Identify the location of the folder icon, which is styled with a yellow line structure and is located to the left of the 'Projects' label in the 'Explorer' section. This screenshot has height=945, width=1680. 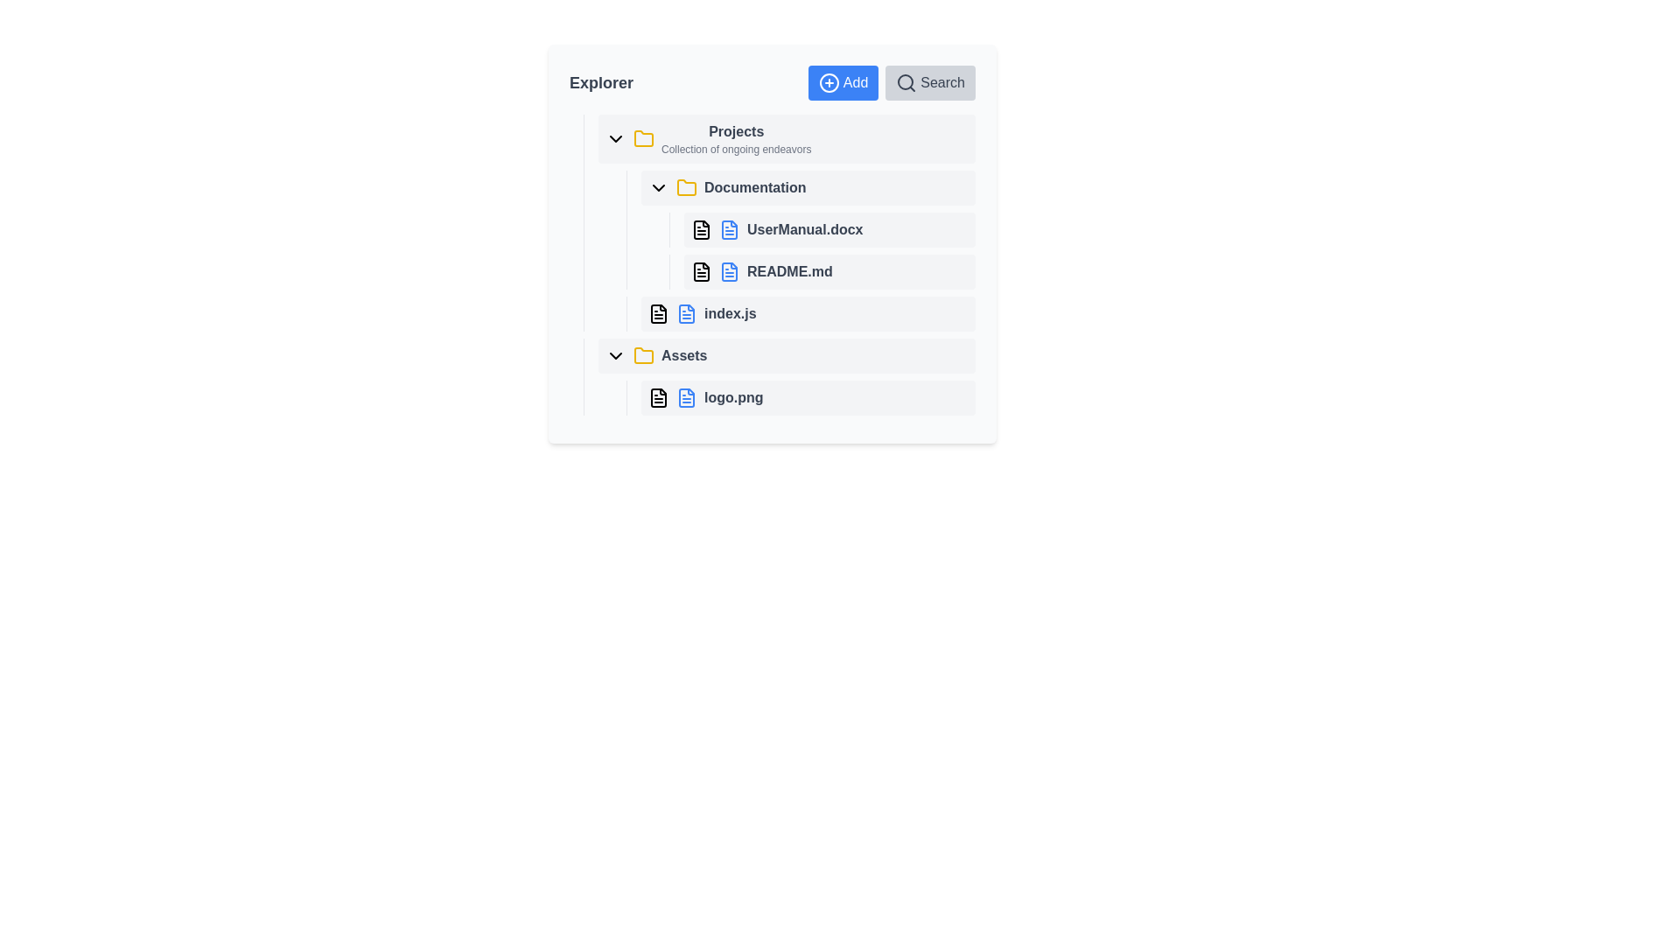
(642, 137).